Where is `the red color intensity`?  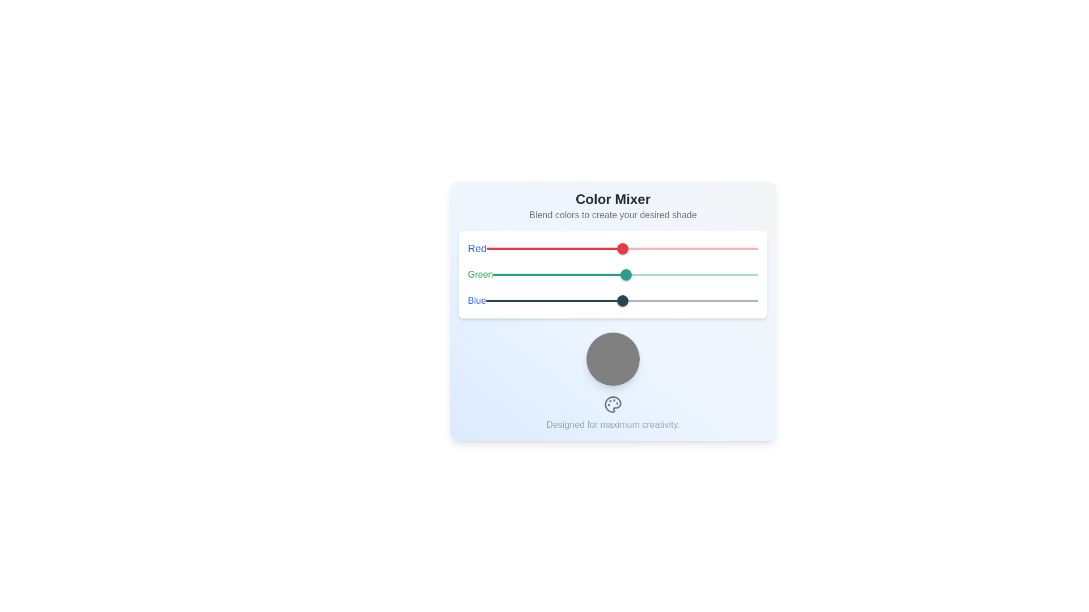 the red color intensity is located at coordinates (743, 248).